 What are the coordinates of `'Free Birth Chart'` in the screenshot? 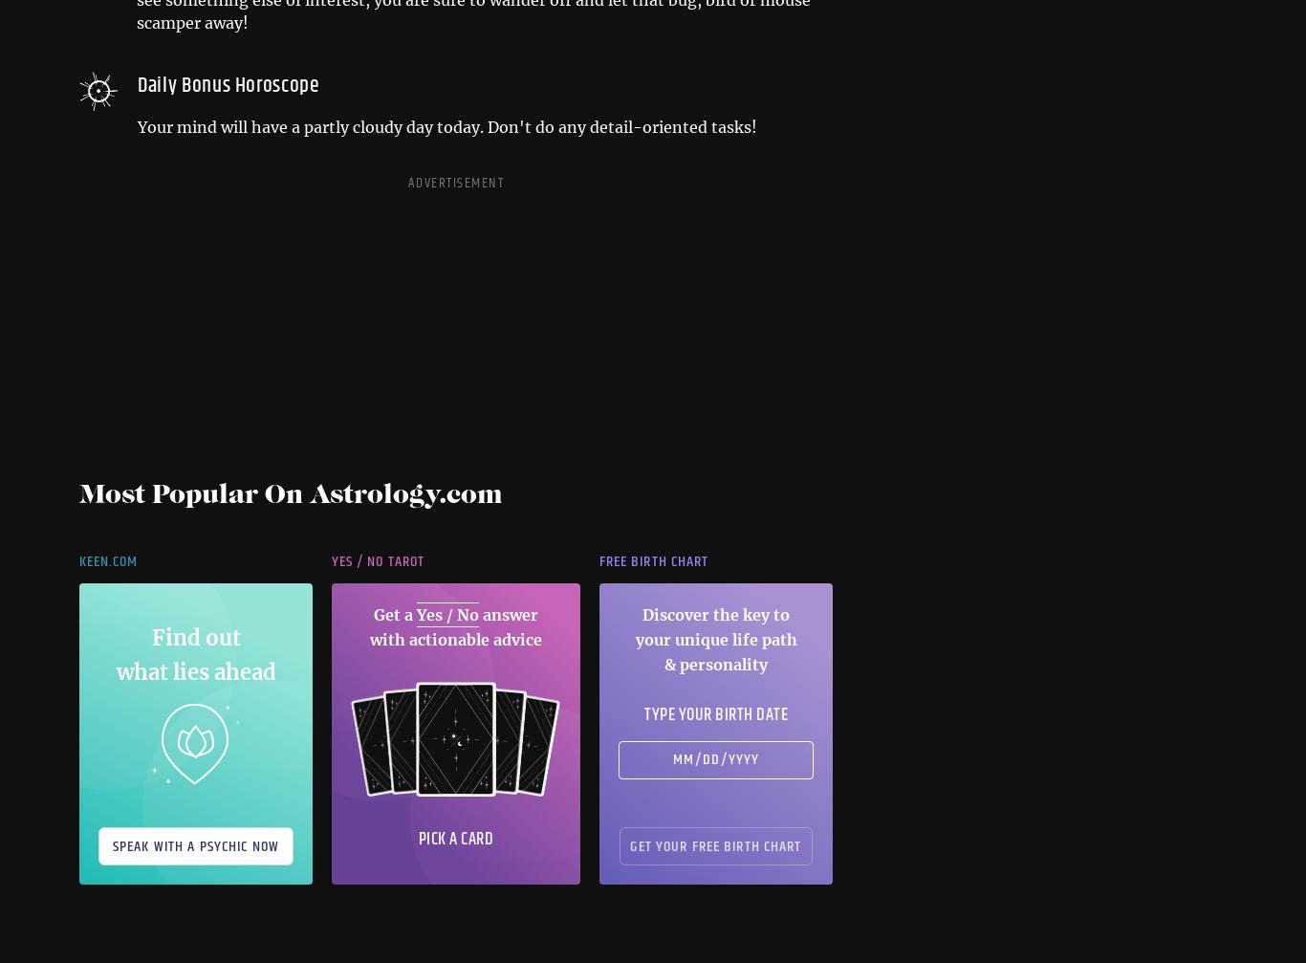 It's located at (653, 559).